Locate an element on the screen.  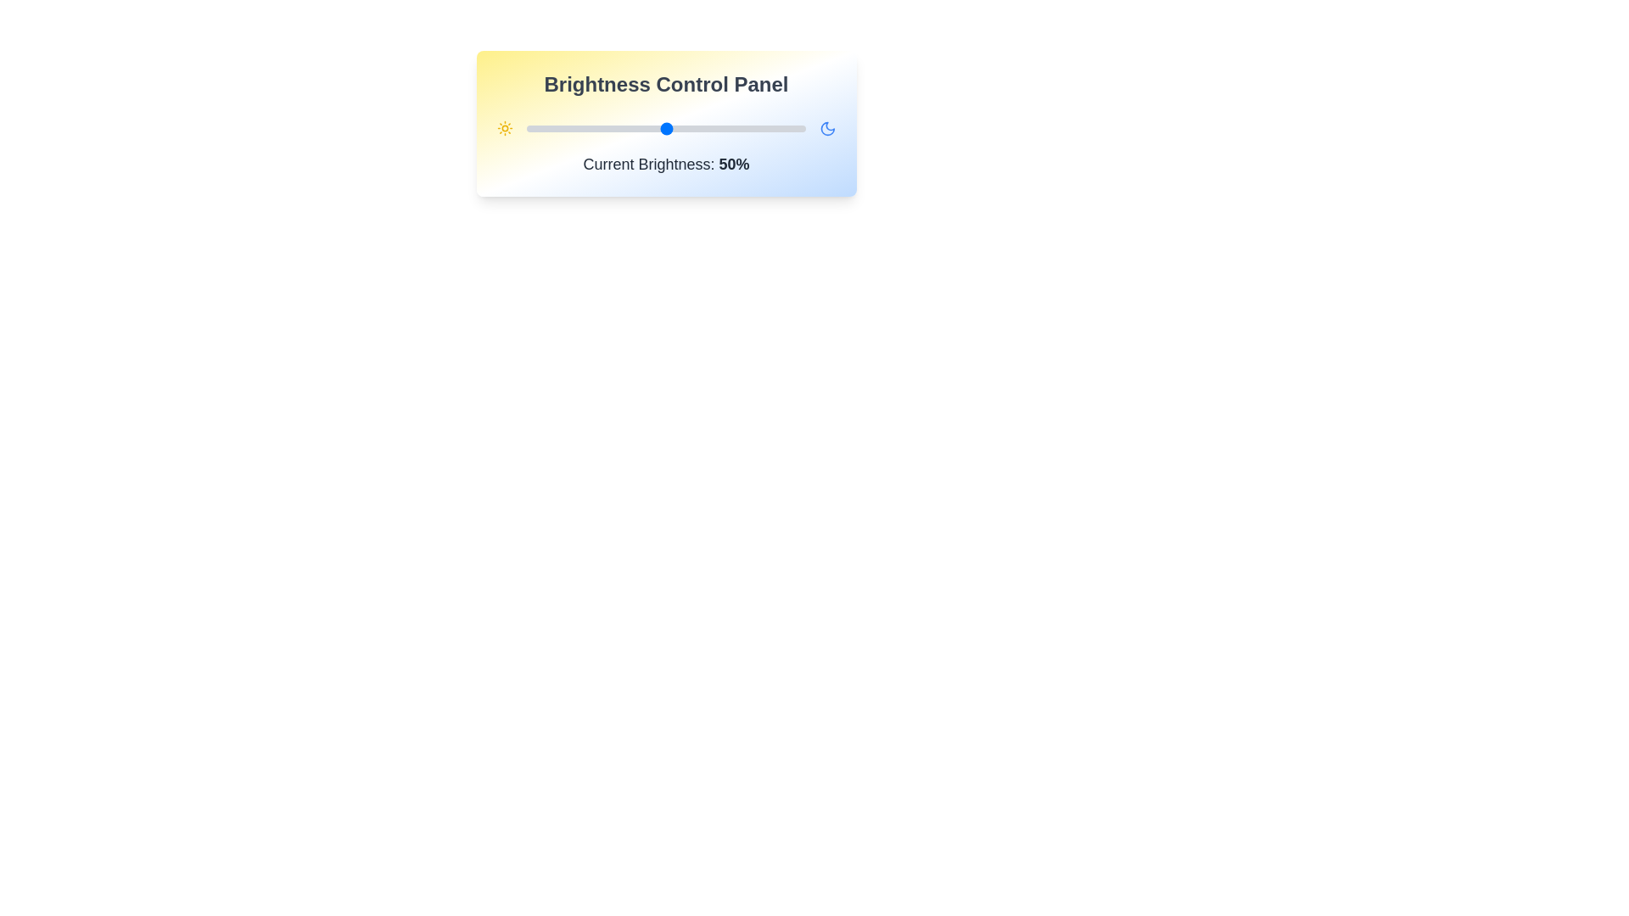
the brightness is located at coordinates (591, 127).